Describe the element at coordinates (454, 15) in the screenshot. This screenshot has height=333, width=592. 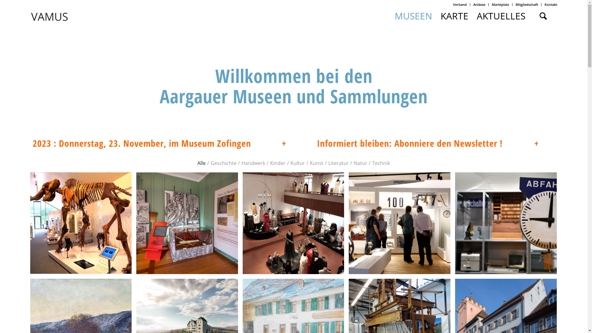
I see `'KARTE'` at that location.